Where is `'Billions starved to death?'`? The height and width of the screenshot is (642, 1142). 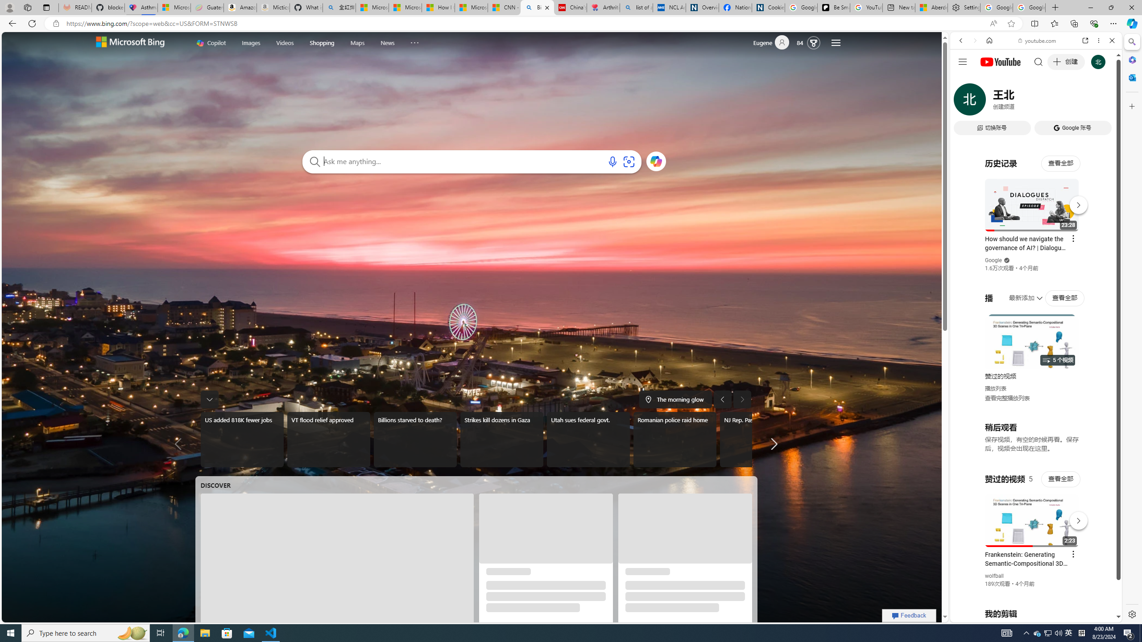
'Billions starved to death?' is located at coordinates (414, 439).